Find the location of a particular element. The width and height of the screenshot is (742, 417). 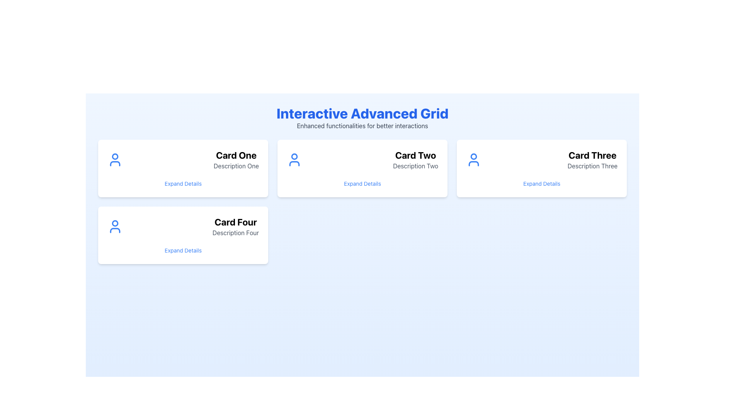

the text block displaying the title and description of the third card in the grid layout, located at the top-right card in the grid is located at coordinates (592, 159).